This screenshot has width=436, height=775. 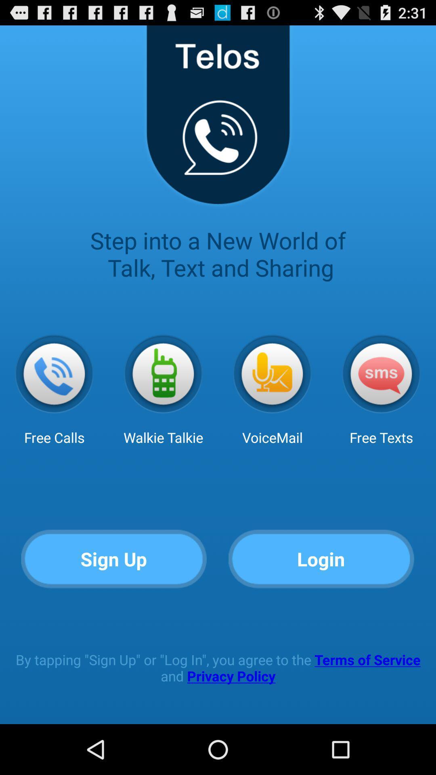 I want to click on the app above the by tapping sign app, so click(x=321, y=559).